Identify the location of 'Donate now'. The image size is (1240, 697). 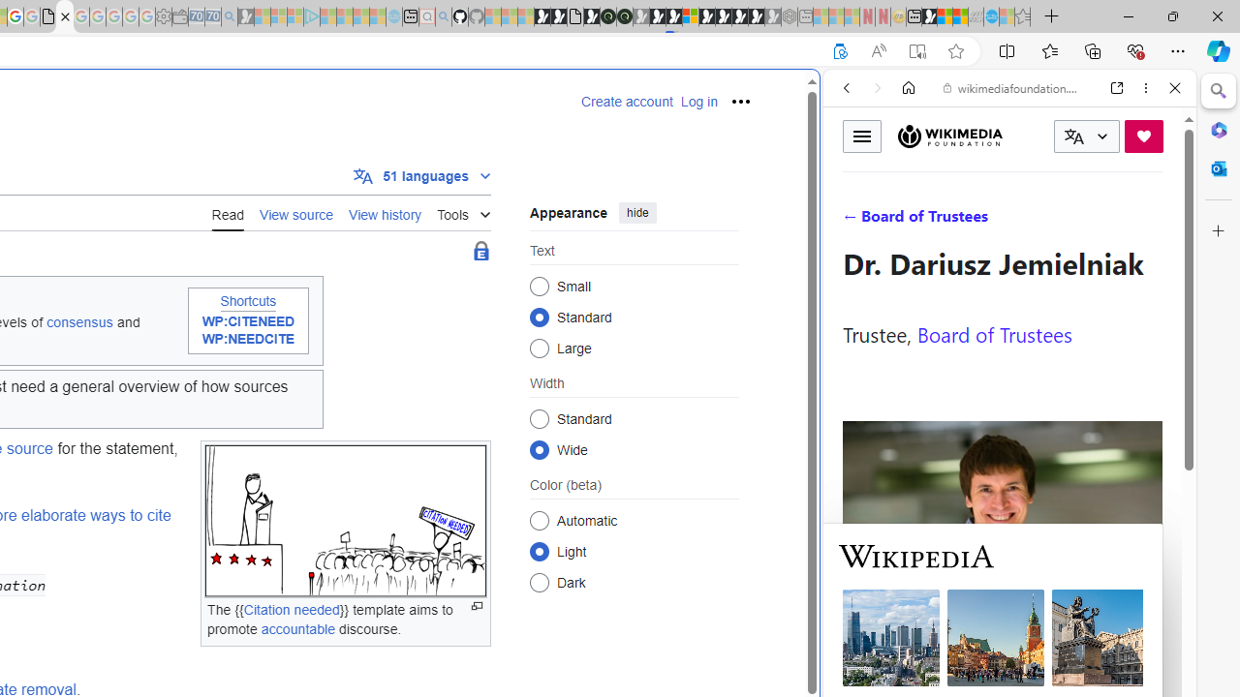
(1143, 135).